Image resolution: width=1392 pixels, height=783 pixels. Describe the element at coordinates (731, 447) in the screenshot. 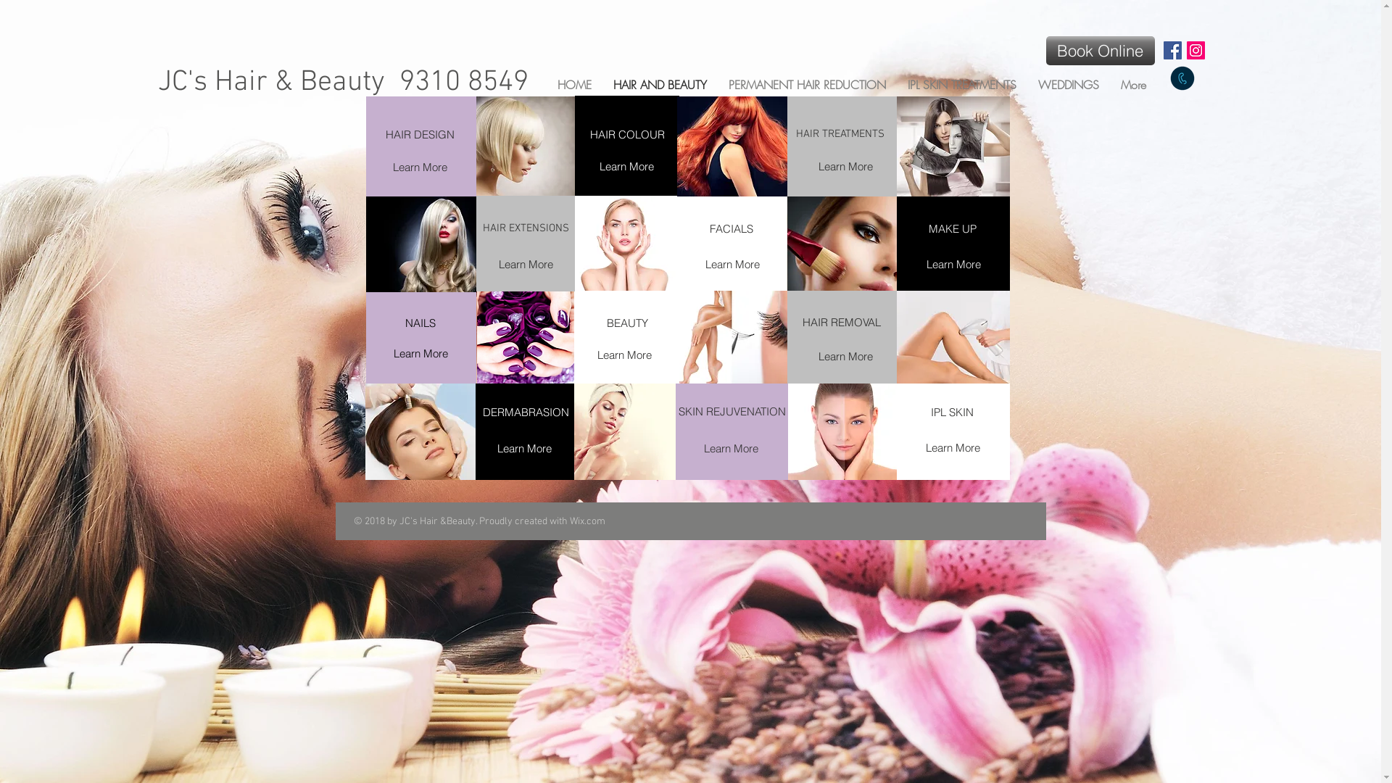

I see `'Learn More'` at that location.